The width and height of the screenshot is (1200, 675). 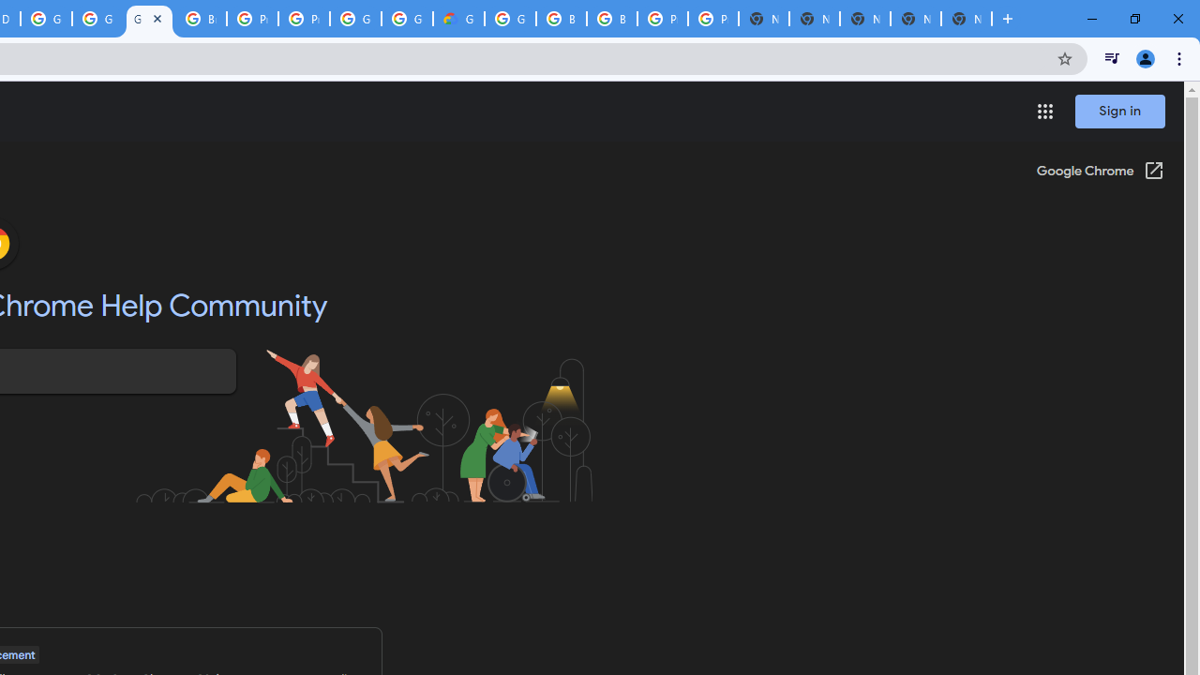 What do you see at coordinates (1100, 172) in the screenshot?
I see `'Google Chrome (Open in a new window)'` at bounding box center [1100, 172].